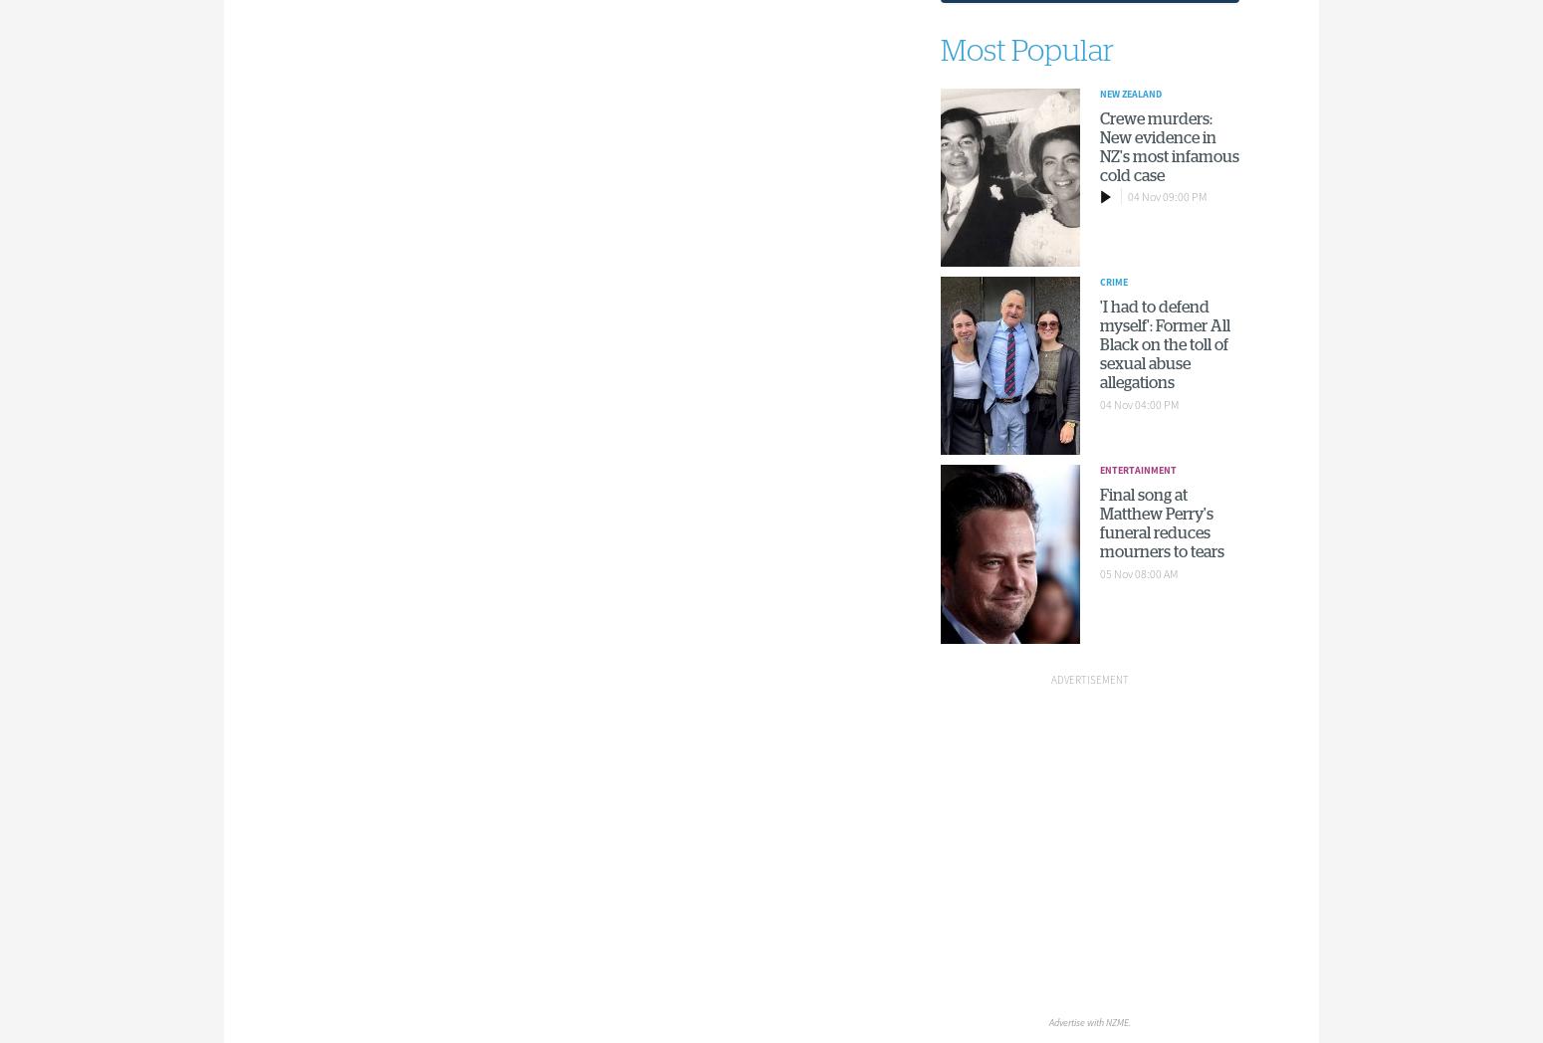 The image size is (1543, 1043). I want to click on 'Advertise with NZME.', so click(1048, 1021).